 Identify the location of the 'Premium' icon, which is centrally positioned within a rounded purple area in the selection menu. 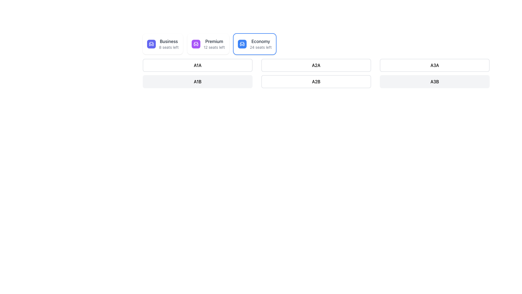
(196, 44).